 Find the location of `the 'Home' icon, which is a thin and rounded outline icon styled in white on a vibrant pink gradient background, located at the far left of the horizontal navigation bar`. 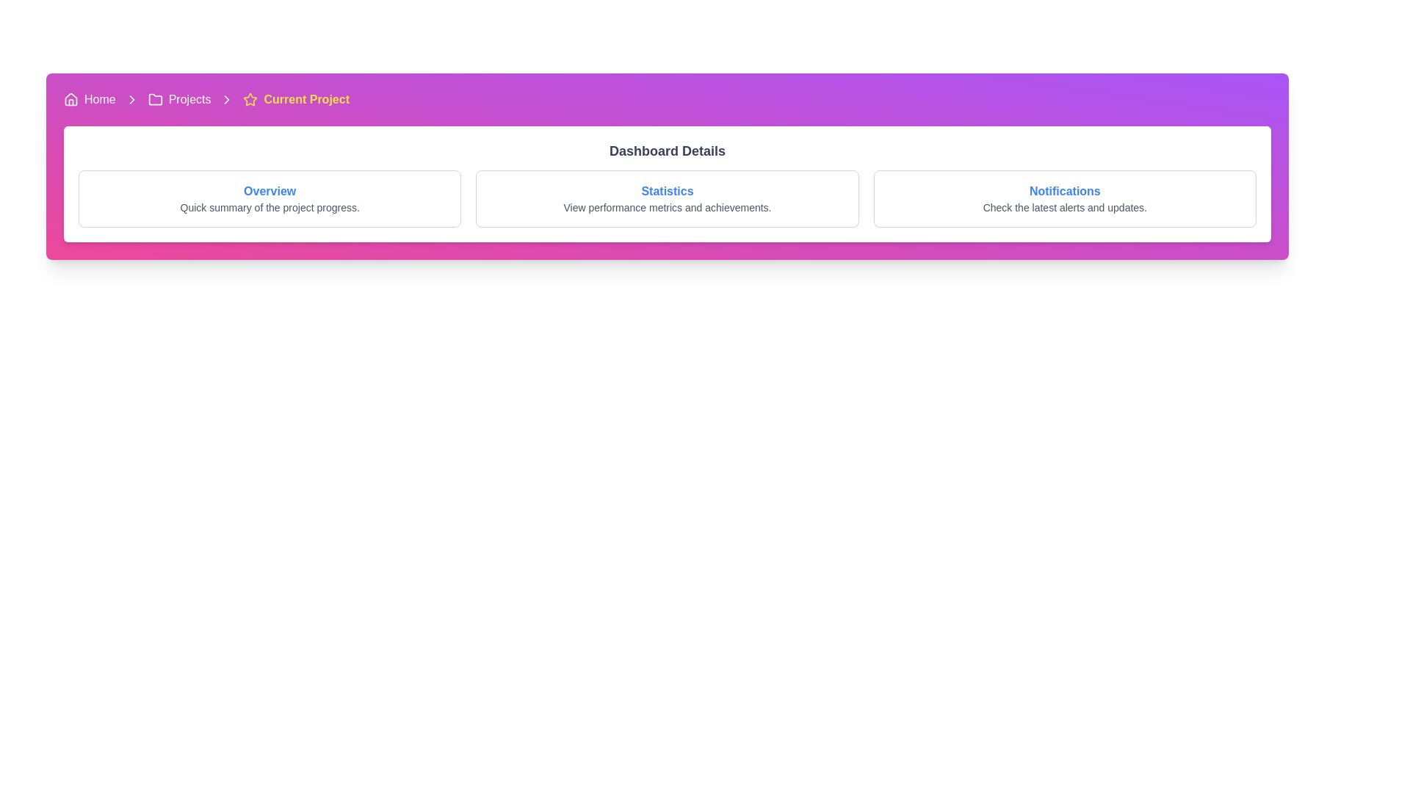

the 'Home' icon, which is a thin and rounded outline icon styled in white on a vibrant pink gradient background, located at the far left of the horizontal navigation bar is located at coordinates (70, 99).